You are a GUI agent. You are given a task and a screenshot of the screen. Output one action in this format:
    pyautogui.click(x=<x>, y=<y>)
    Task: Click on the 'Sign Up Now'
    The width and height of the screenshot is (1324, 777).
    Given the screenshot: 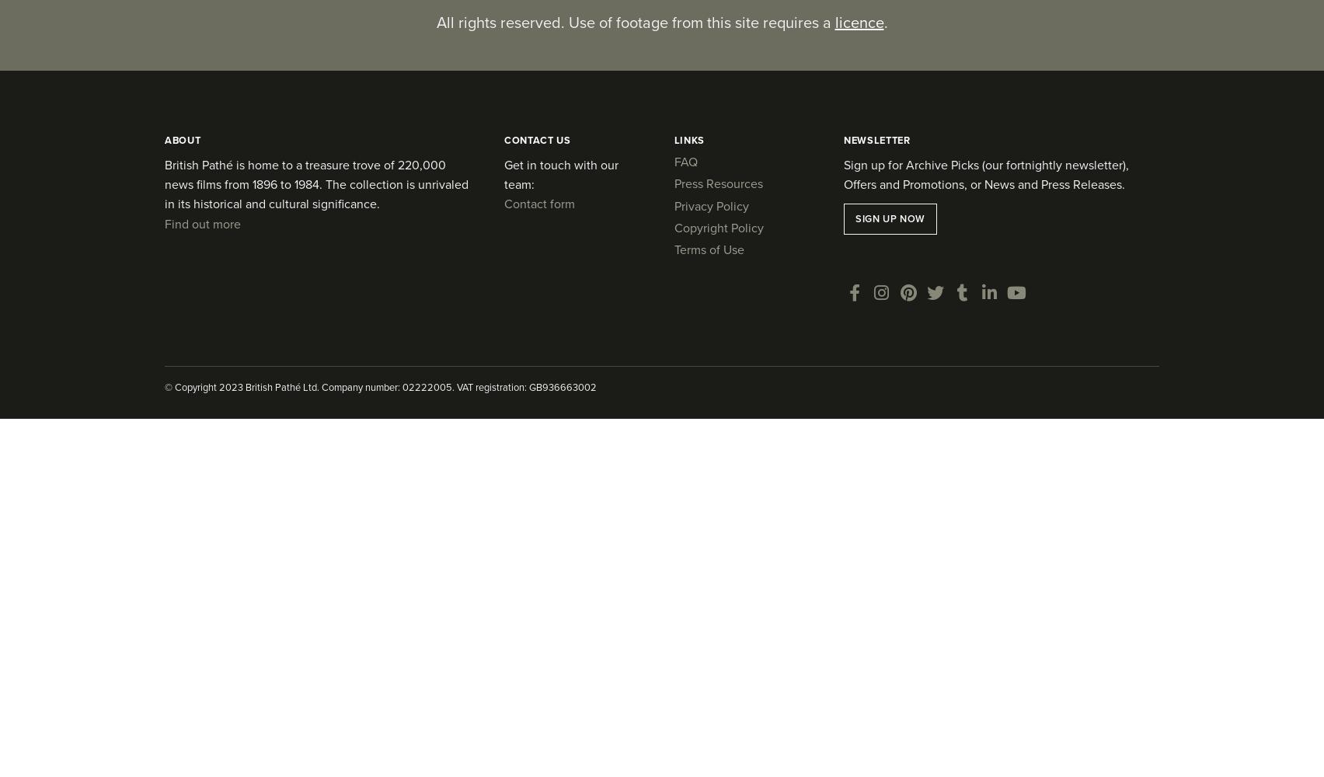 What is the action you would take?
    pyautogui.click(x=854, y=218)
    